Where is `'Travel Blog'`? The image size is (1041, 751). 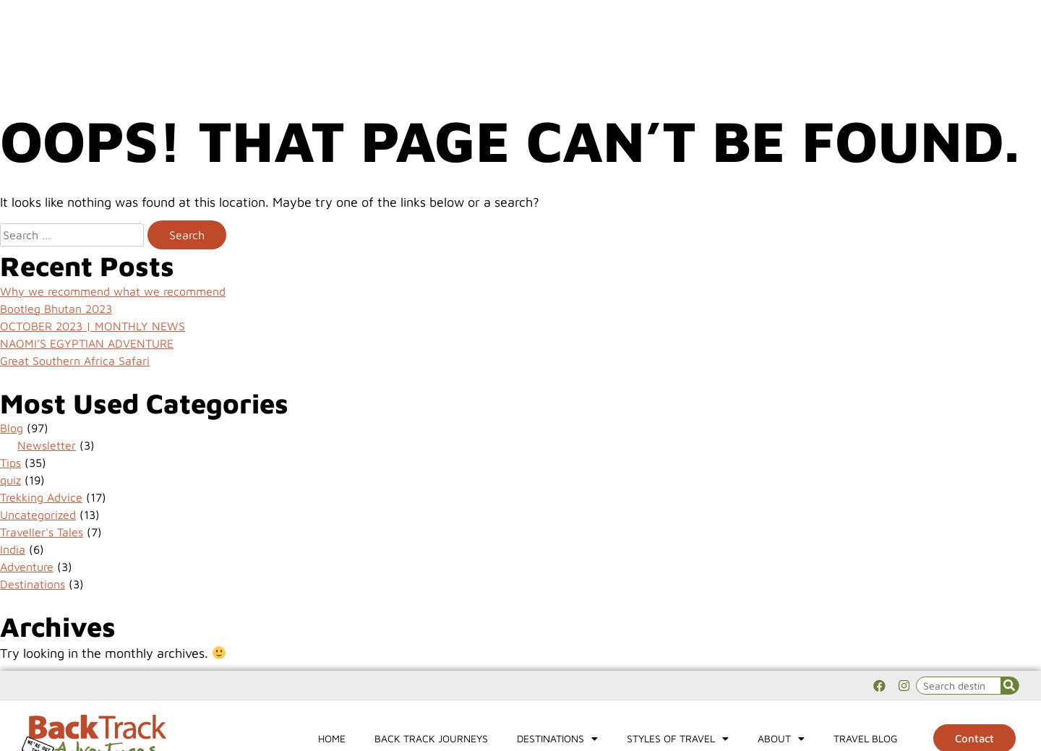 'Travel Blog' is located at coordinates (865, 66).